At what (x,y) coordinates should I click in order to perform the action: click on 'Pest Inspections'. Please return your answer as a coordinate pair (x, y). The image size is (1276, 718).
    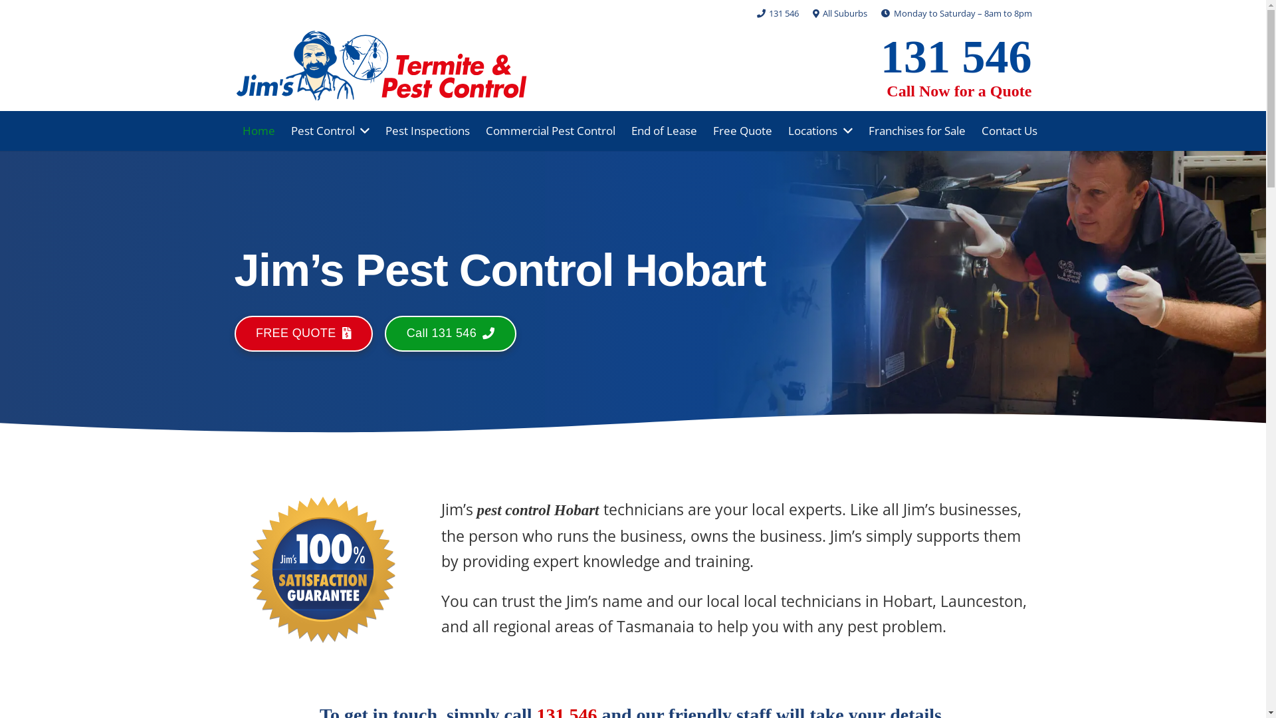
    Looking at the image, I should click on (427, 130).